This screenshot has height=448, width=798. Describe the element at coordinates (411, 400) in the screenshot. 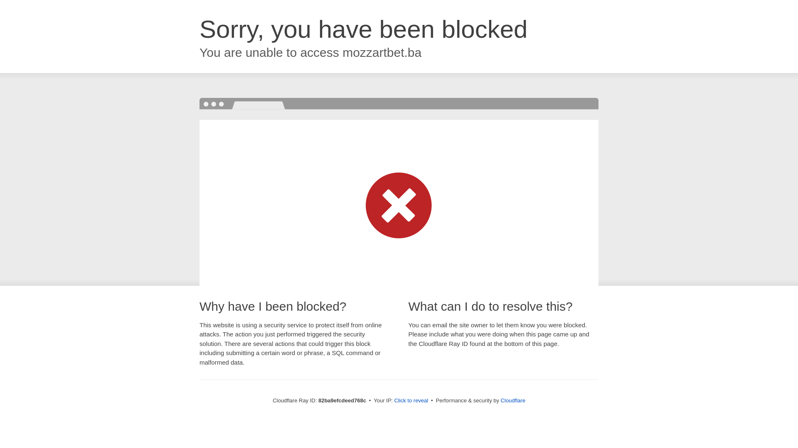

I see `'Click to reveal'` at that location.